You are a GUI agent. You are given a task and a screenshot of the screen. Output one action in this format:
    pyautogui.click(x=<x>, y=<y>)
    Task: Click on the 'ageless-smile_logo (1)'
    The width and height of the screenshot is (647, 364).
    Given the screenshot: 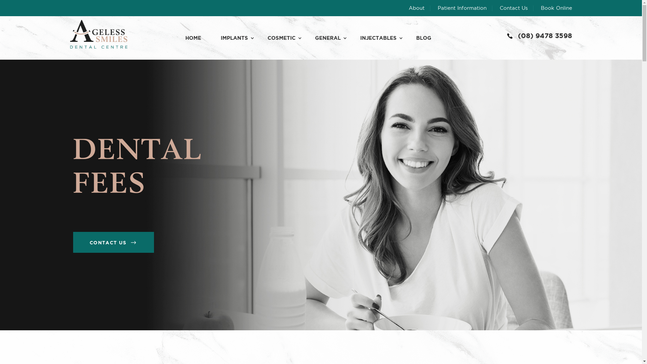 What is the action you would take?
    pyautogui.click(x=98, y=34)
    